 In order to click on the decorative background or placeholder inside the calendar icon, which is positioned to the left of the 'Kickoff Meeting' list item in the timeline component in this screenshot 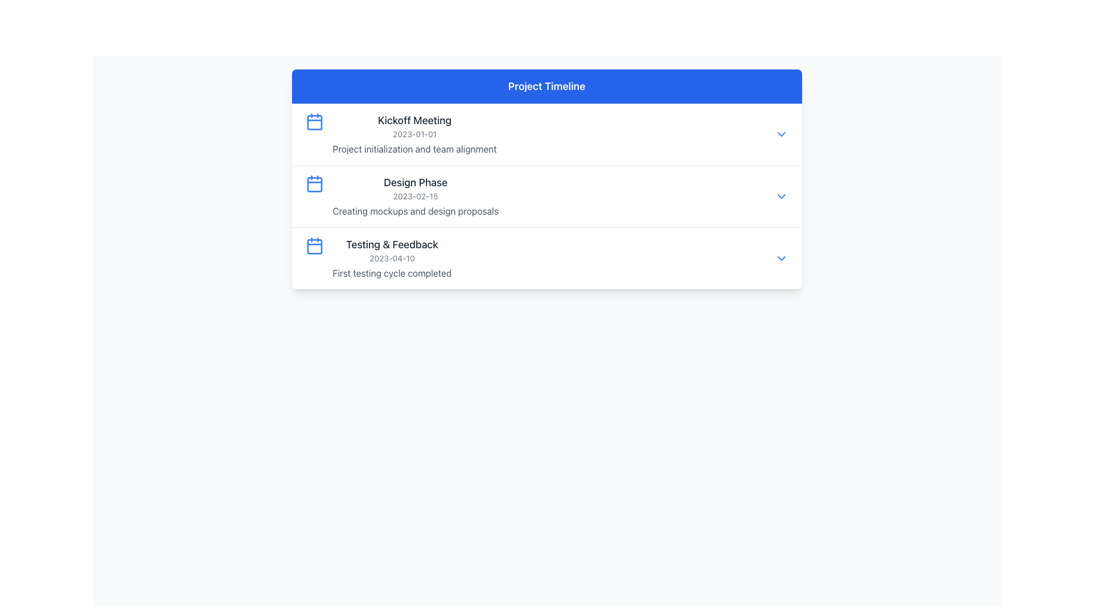, I will do `click(314, 122)`.